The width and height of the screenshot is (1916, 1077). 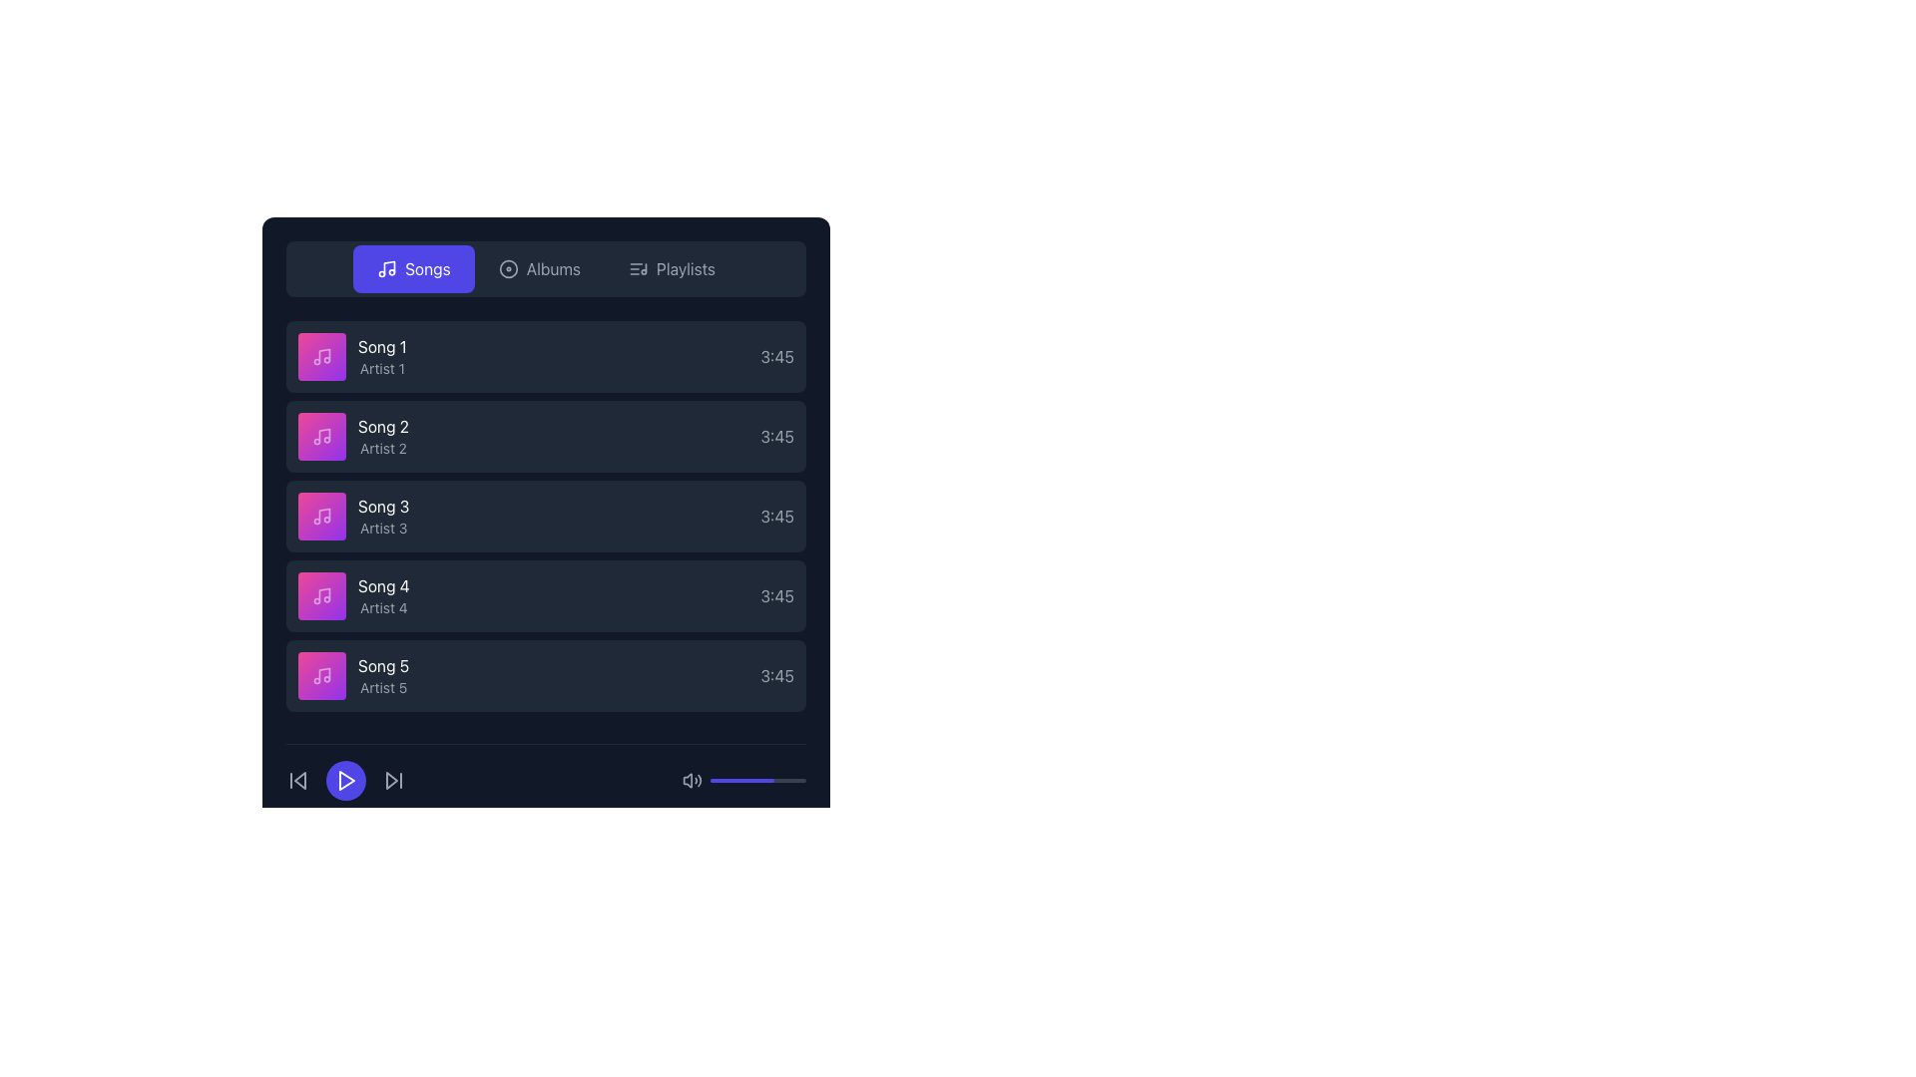 What do you see at coordinates (383, 594) in the screenshot?
I see `the list item containing 'Song 4' and 'Artist 4'` at bounding box center [383, 594].